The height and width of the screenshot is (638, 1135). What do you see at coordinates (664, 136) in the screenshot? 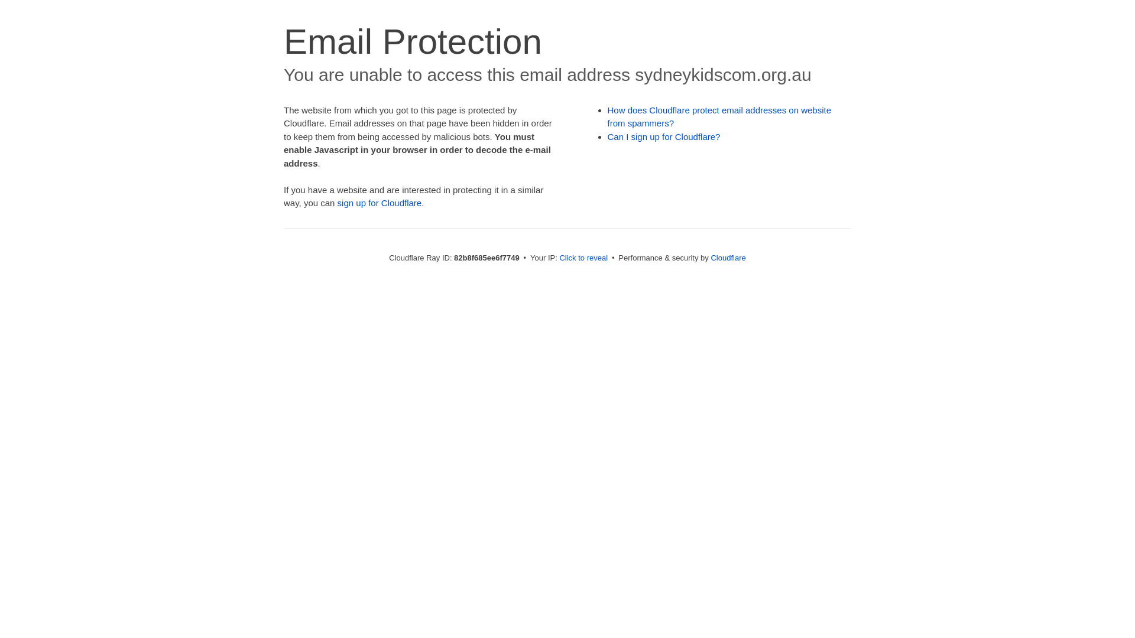
I see `'Can I sign up for Cloudflare?'` at bounding box center [664, 136].